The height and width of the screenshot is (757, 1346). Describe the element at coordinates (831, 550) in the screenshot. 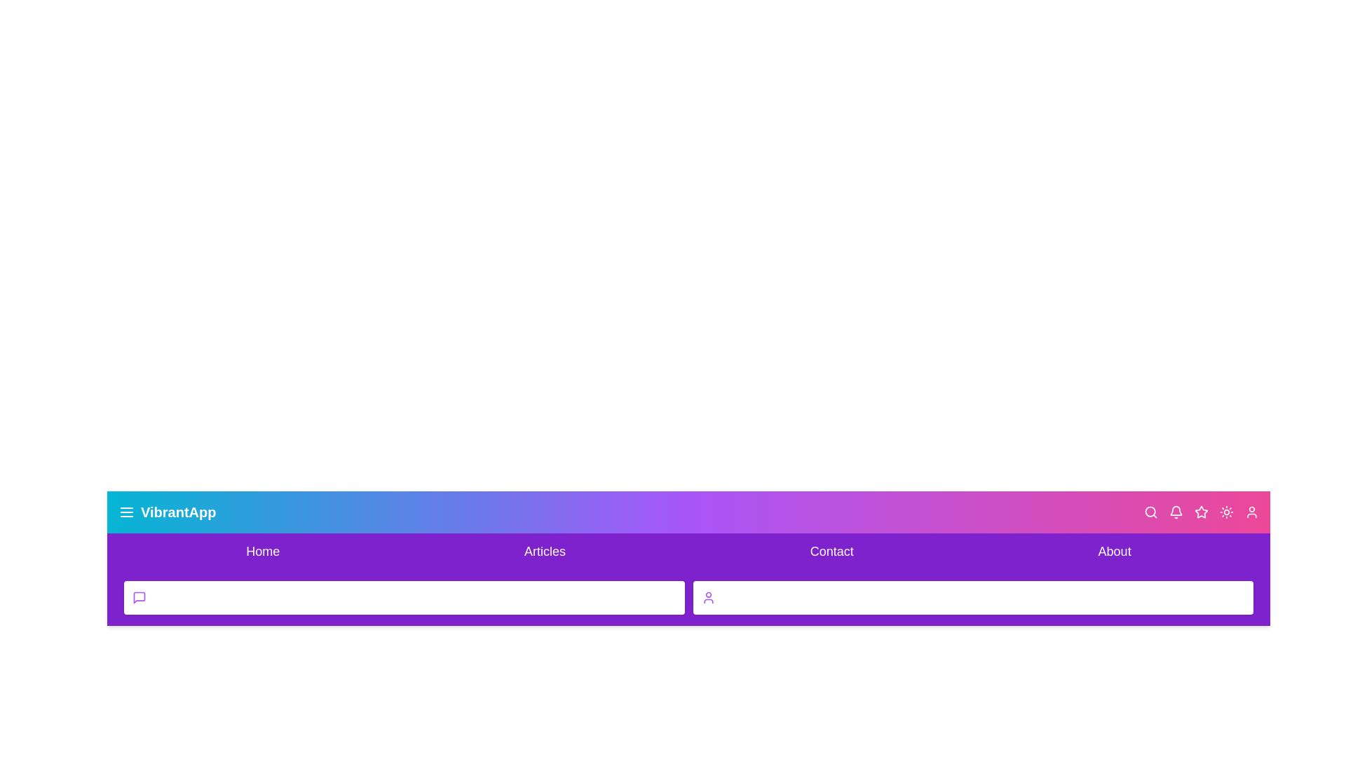

I see `the Contact navigation link to navigate to the respective section` at that location.